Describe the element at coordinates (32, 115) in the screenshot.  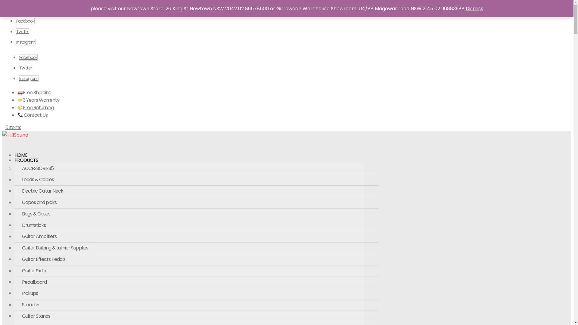
I see `'Contact Us'` at that location.